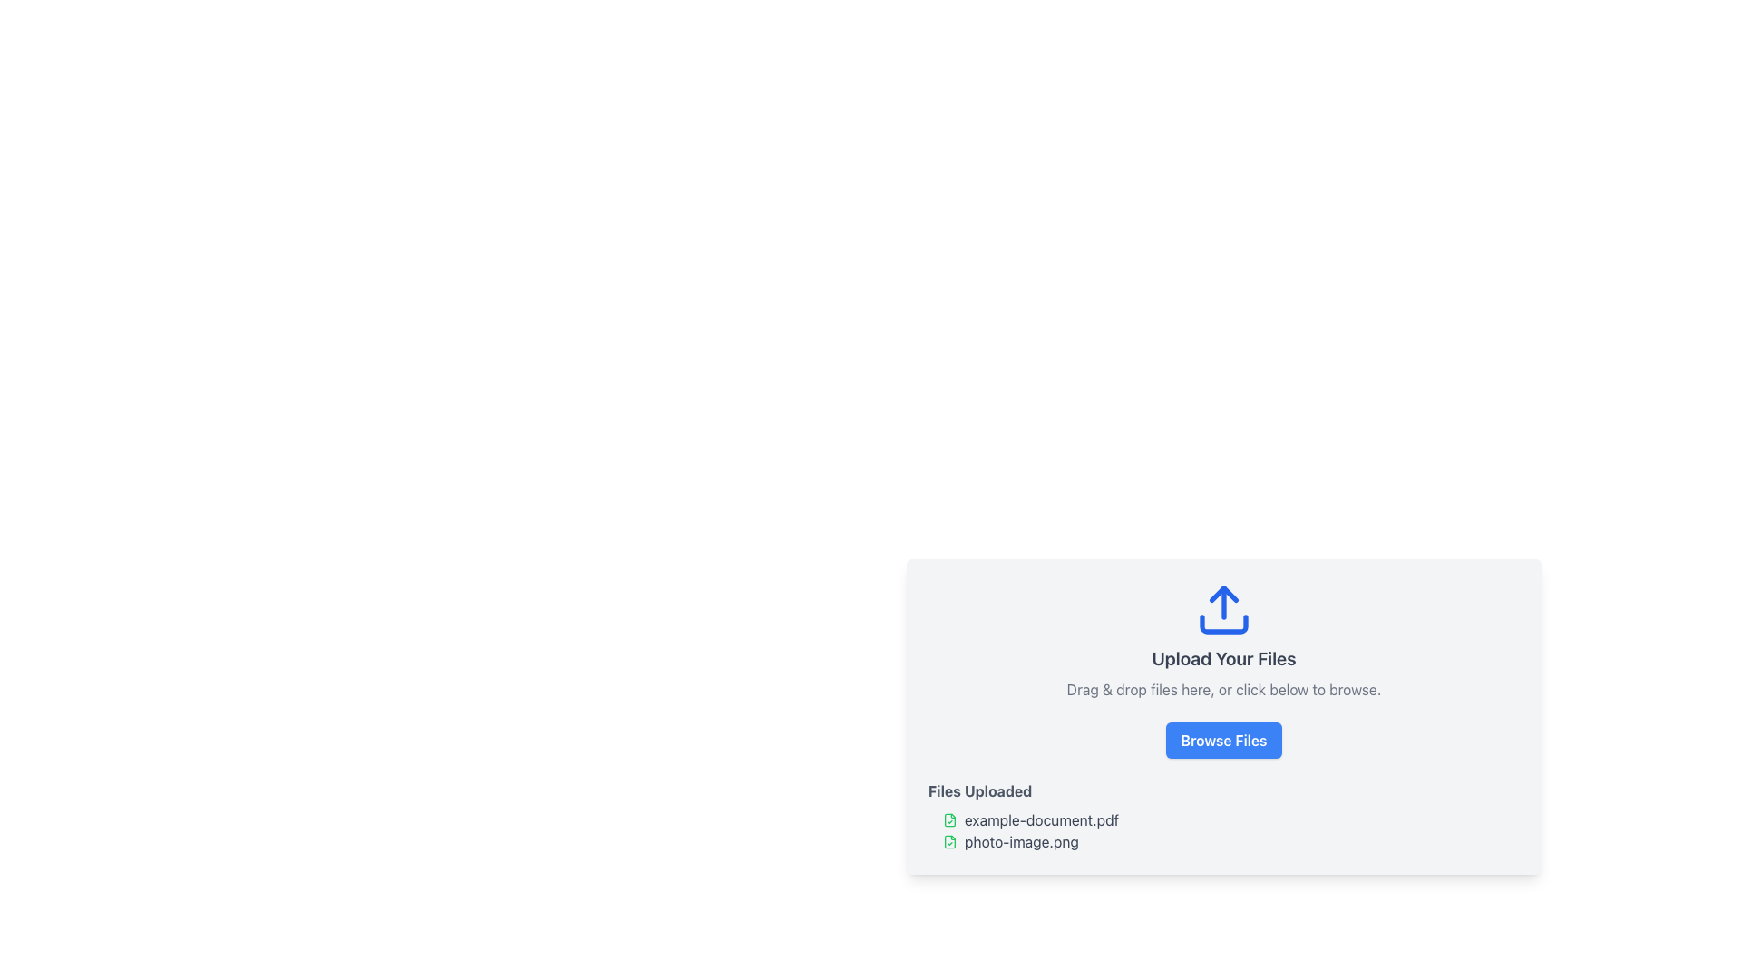 Image resolution: width=1741 pixels, height=979 pixels. What do you see at coordinates (948, 820) in the screenshot?
I see `the green file icon with a checkmark, which indicates a successful file state, located to the left of the text 'example-document.pdf' in the 'Files Uploaded' section` at bounding box center [948, 820].